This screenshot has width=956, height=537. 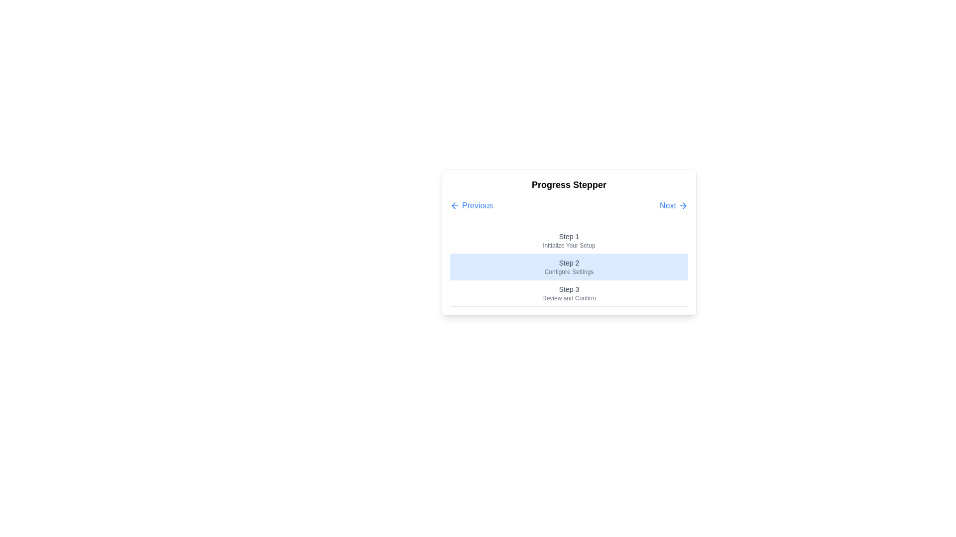 What do you see at coordinates (569, 272) in the screenshot?
I see `the 'Configure Settings' text label displayed in small gray font, which is positioned beneath the 'Step 2' label in the progress stepper component` at bounding box center [569, 272].